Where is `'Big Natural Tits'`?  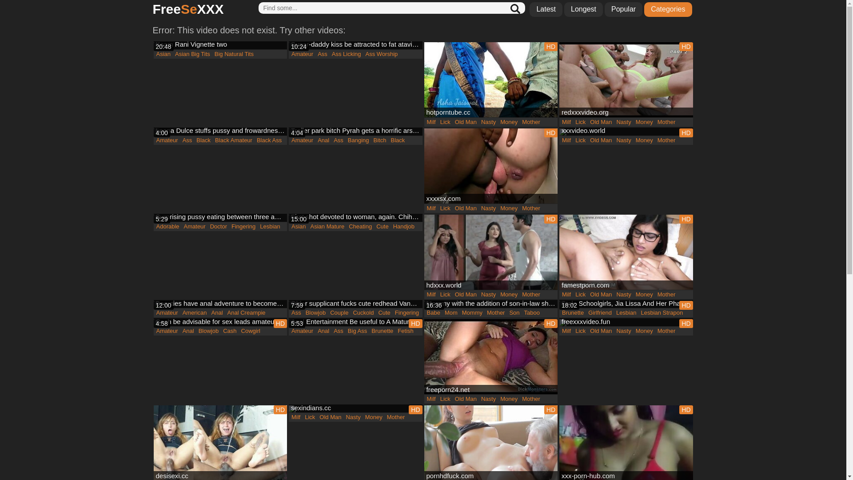 'Big Natural Tits' is located at coordinates (212, 54).